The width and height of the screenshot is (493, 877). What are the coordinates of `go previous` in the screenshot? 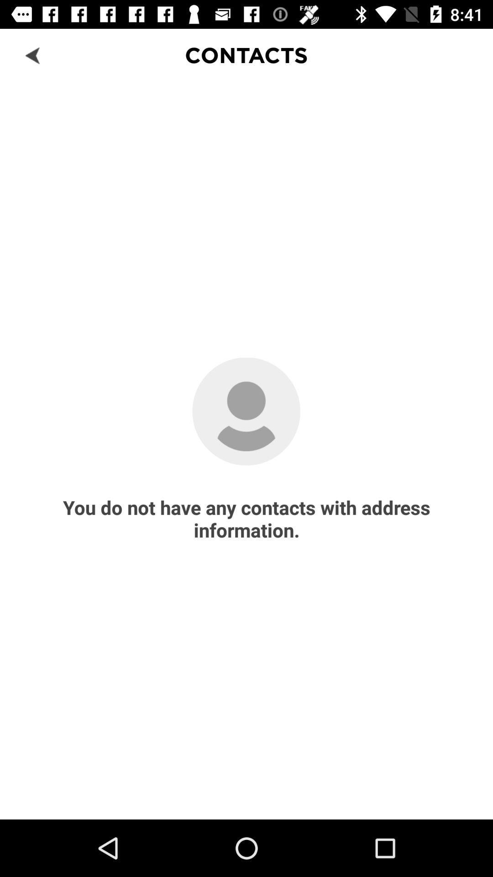 It's located at (33, 54).